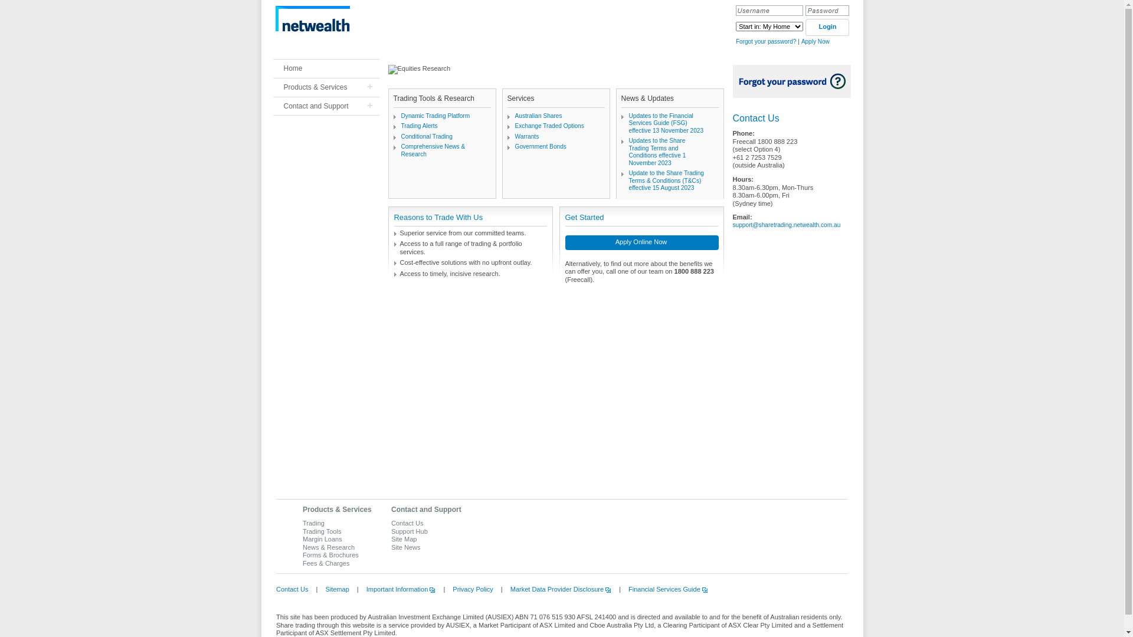  Describe the element at coordinates (515, 126) in the screenshot. I see `'Exchange Traded Options'` at that location.